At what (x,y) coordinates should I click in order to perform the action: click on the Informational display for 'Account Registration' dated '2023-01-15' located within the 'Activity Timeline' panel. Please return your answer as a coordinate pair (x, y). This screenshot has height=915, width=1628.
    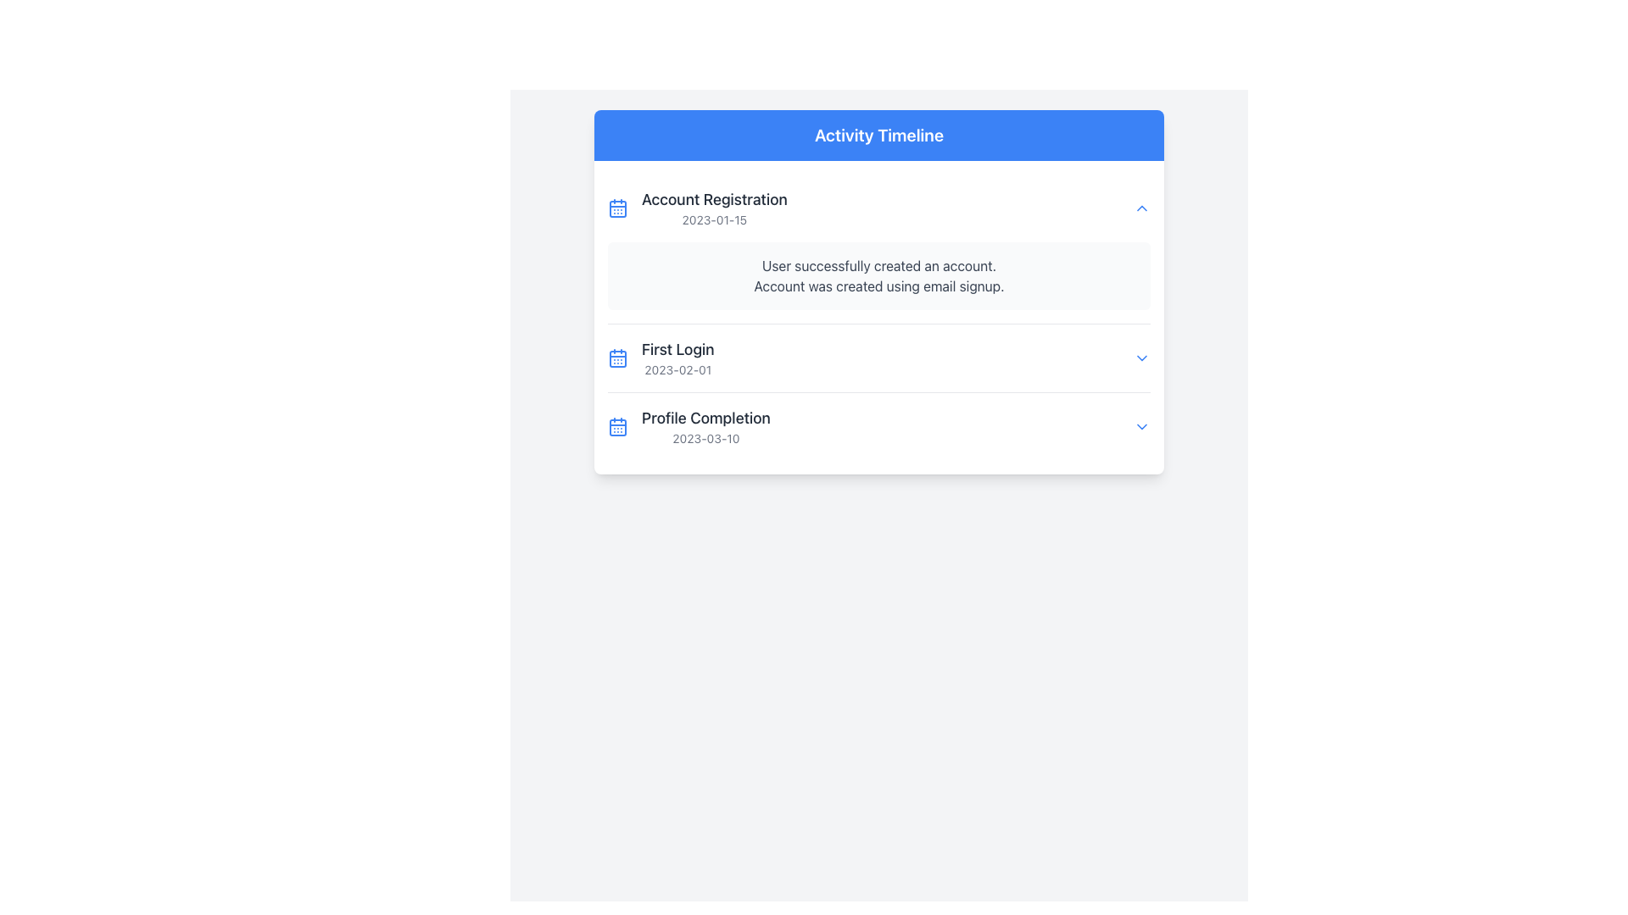
    Looking at the image, I should click on (697, 208).